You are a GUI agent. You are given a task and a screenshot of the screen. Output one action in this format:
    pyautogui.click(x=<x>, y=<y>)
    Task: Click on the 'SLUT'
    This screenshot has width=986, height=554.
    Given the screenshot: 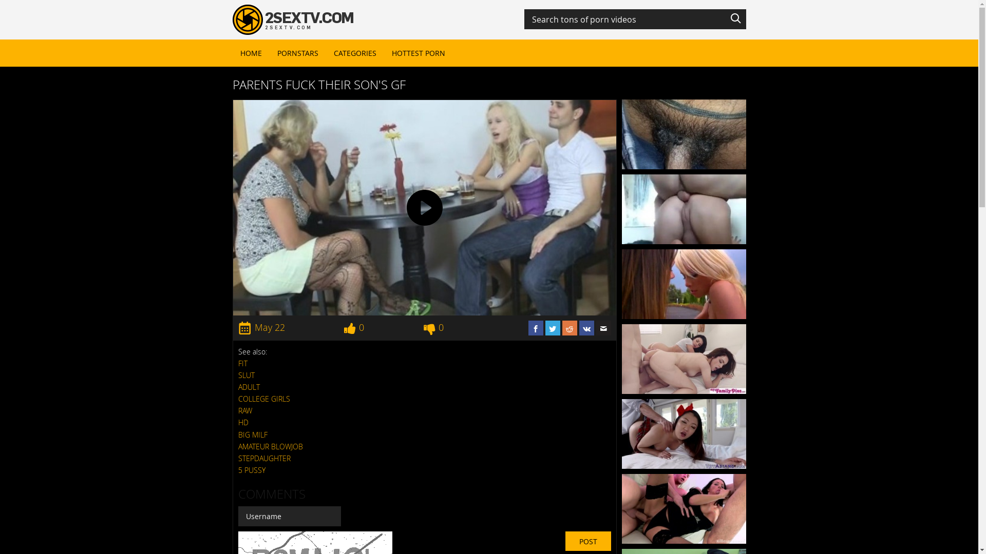 What is the action you would take?
    pyautogui.click(x=246, y=375)
    